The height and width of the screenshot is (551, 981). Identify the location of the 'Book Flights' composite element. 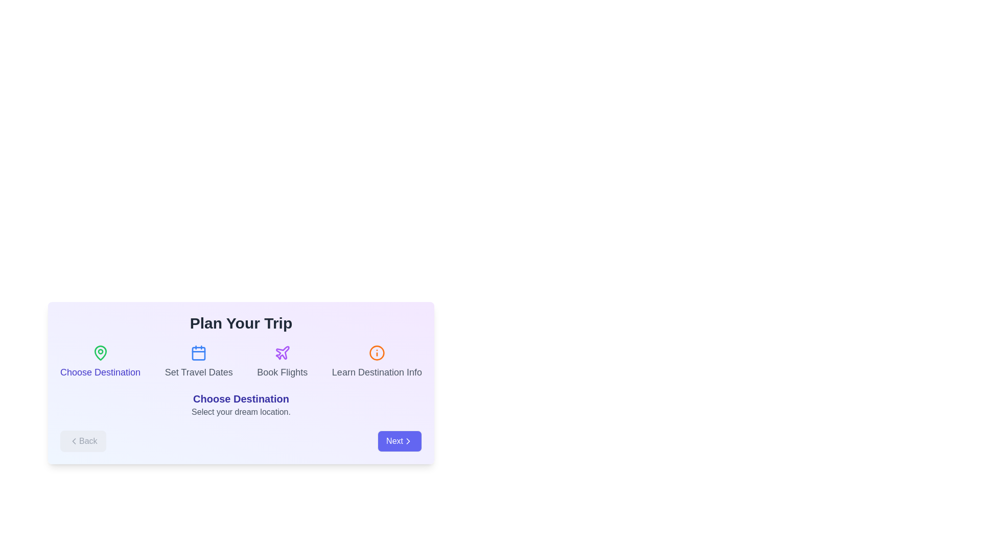
(282, 361).